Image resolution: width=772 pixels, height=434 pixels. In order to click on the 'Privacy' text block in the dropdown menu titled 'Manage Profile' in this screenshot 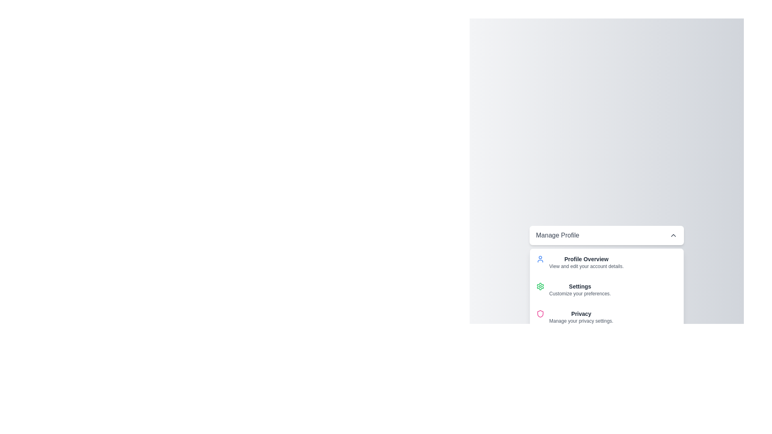, I will do `click(581, 317)`.